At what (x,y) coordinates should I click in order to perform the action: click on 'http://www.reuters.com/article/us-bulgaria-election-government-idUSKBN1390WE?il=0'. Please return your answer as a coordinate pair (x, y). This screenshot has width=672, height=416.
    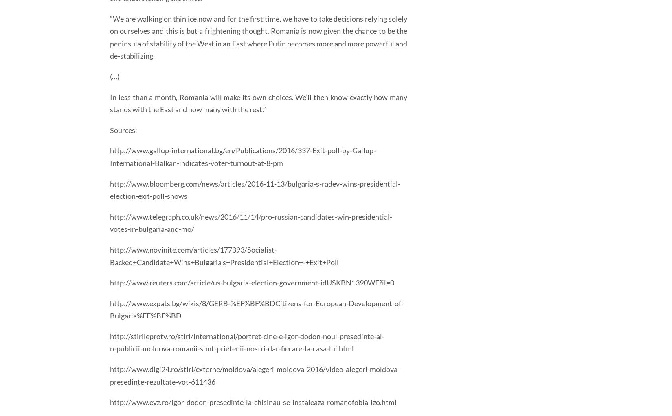
    Looking at the image, I should click on (110, 282).